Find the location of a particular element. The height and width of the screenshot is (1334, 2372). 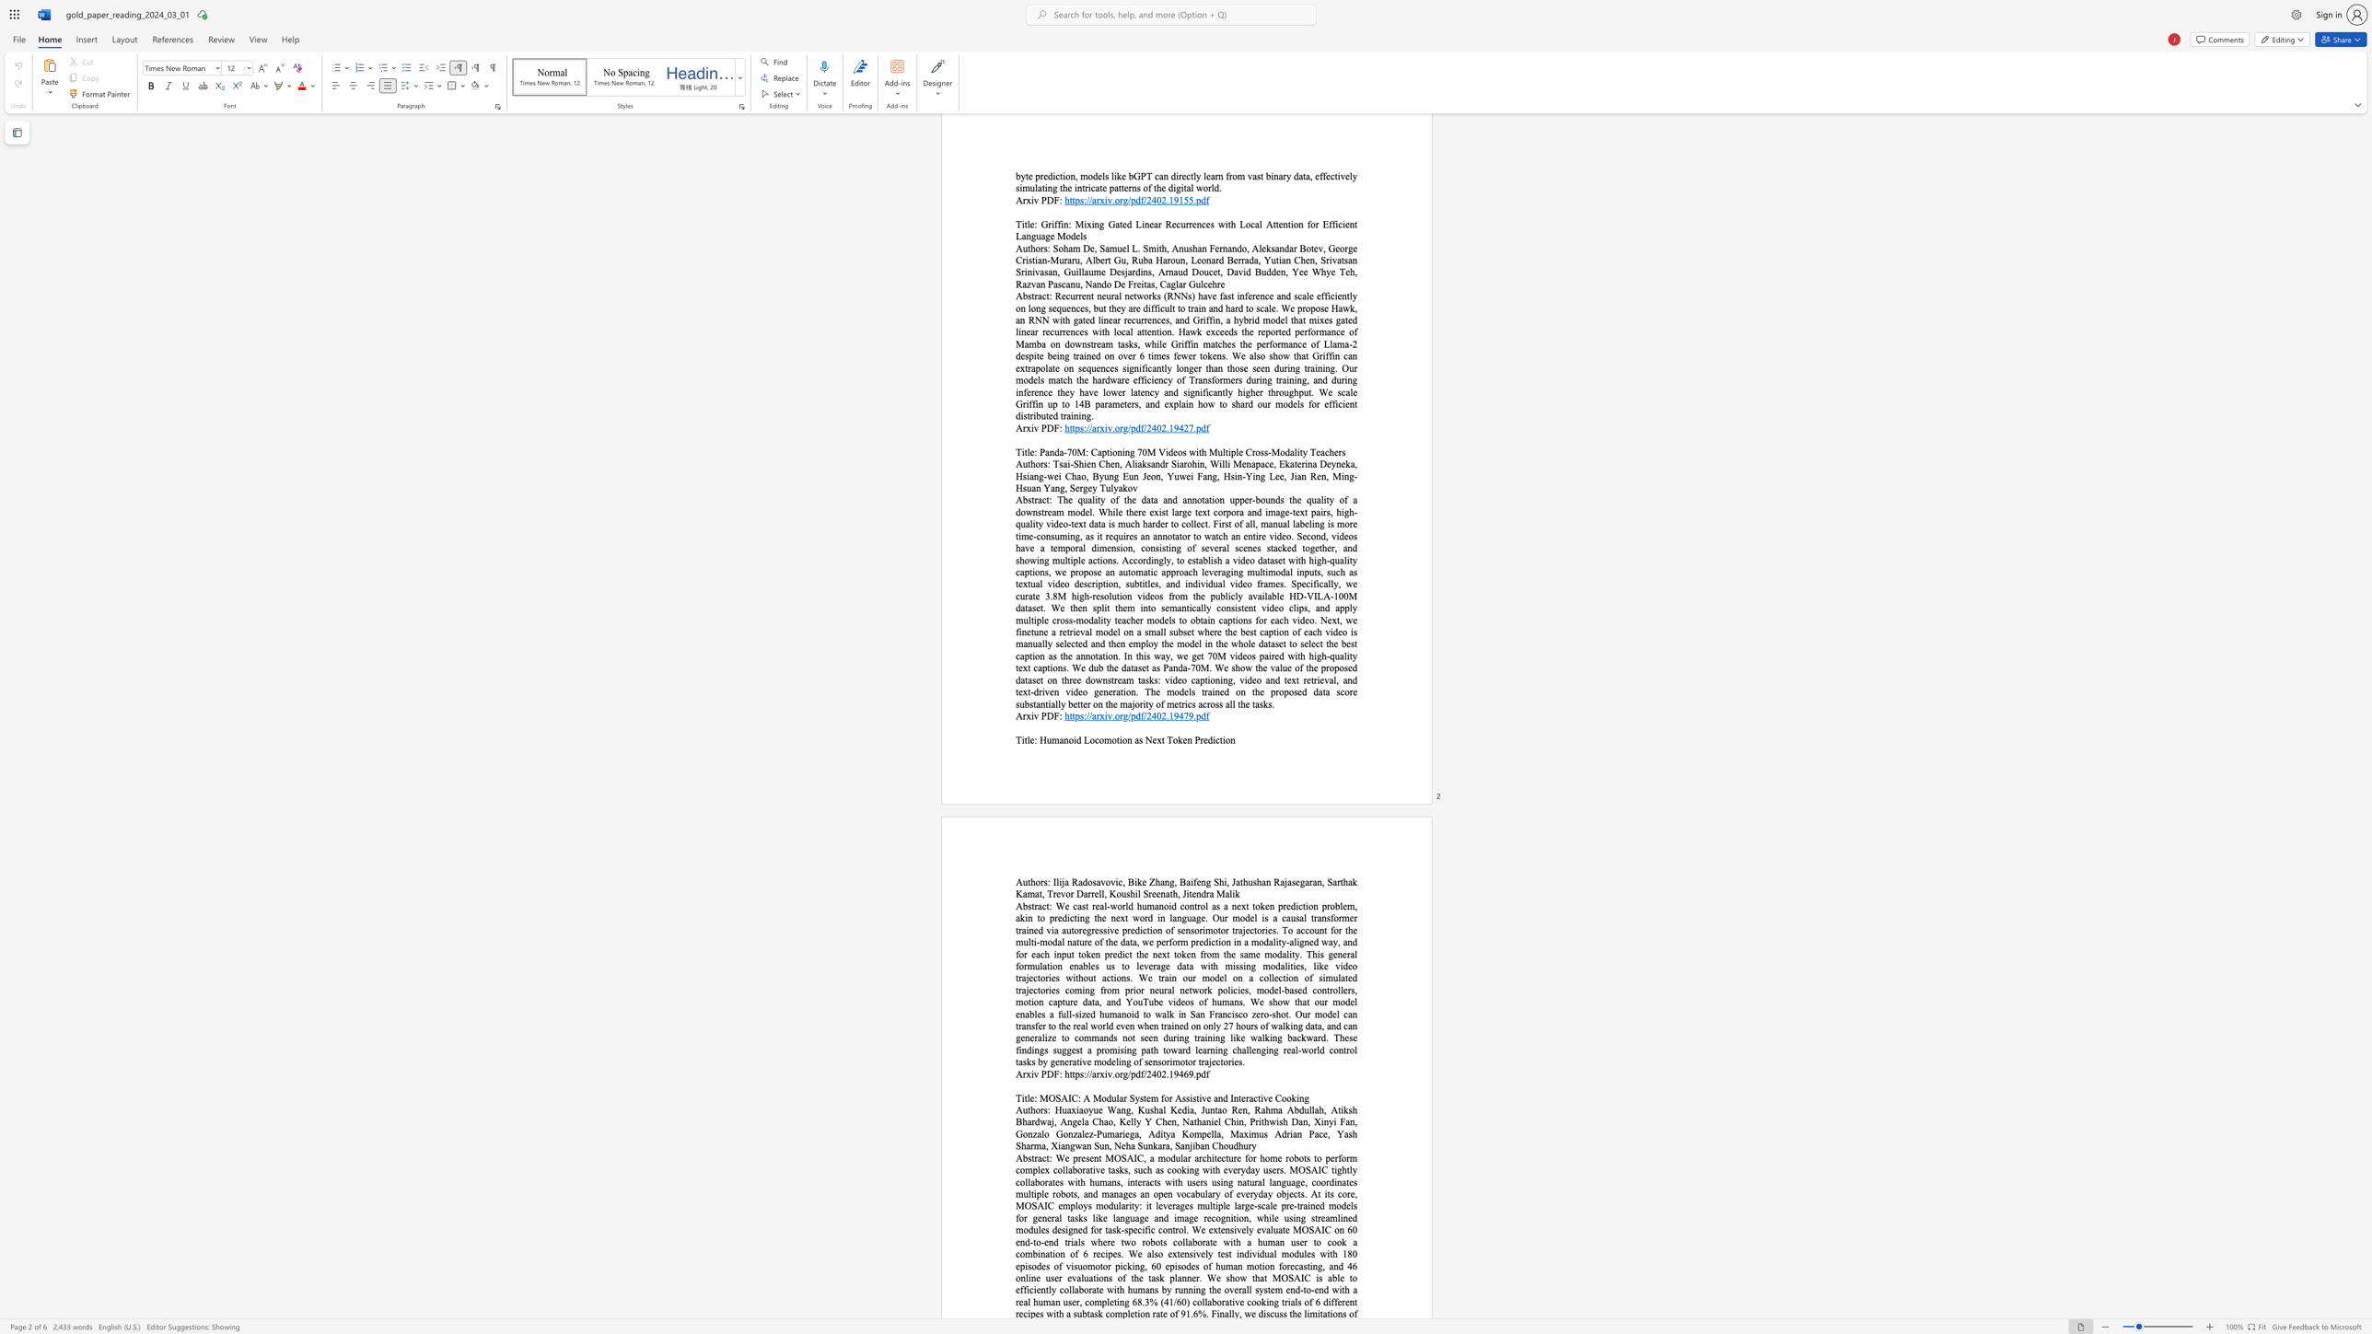

the subset text "ttps://a" within the text "https://arxiv.org/pdf/2402.19469.pdf" is located at coordinates (1068, 1073).